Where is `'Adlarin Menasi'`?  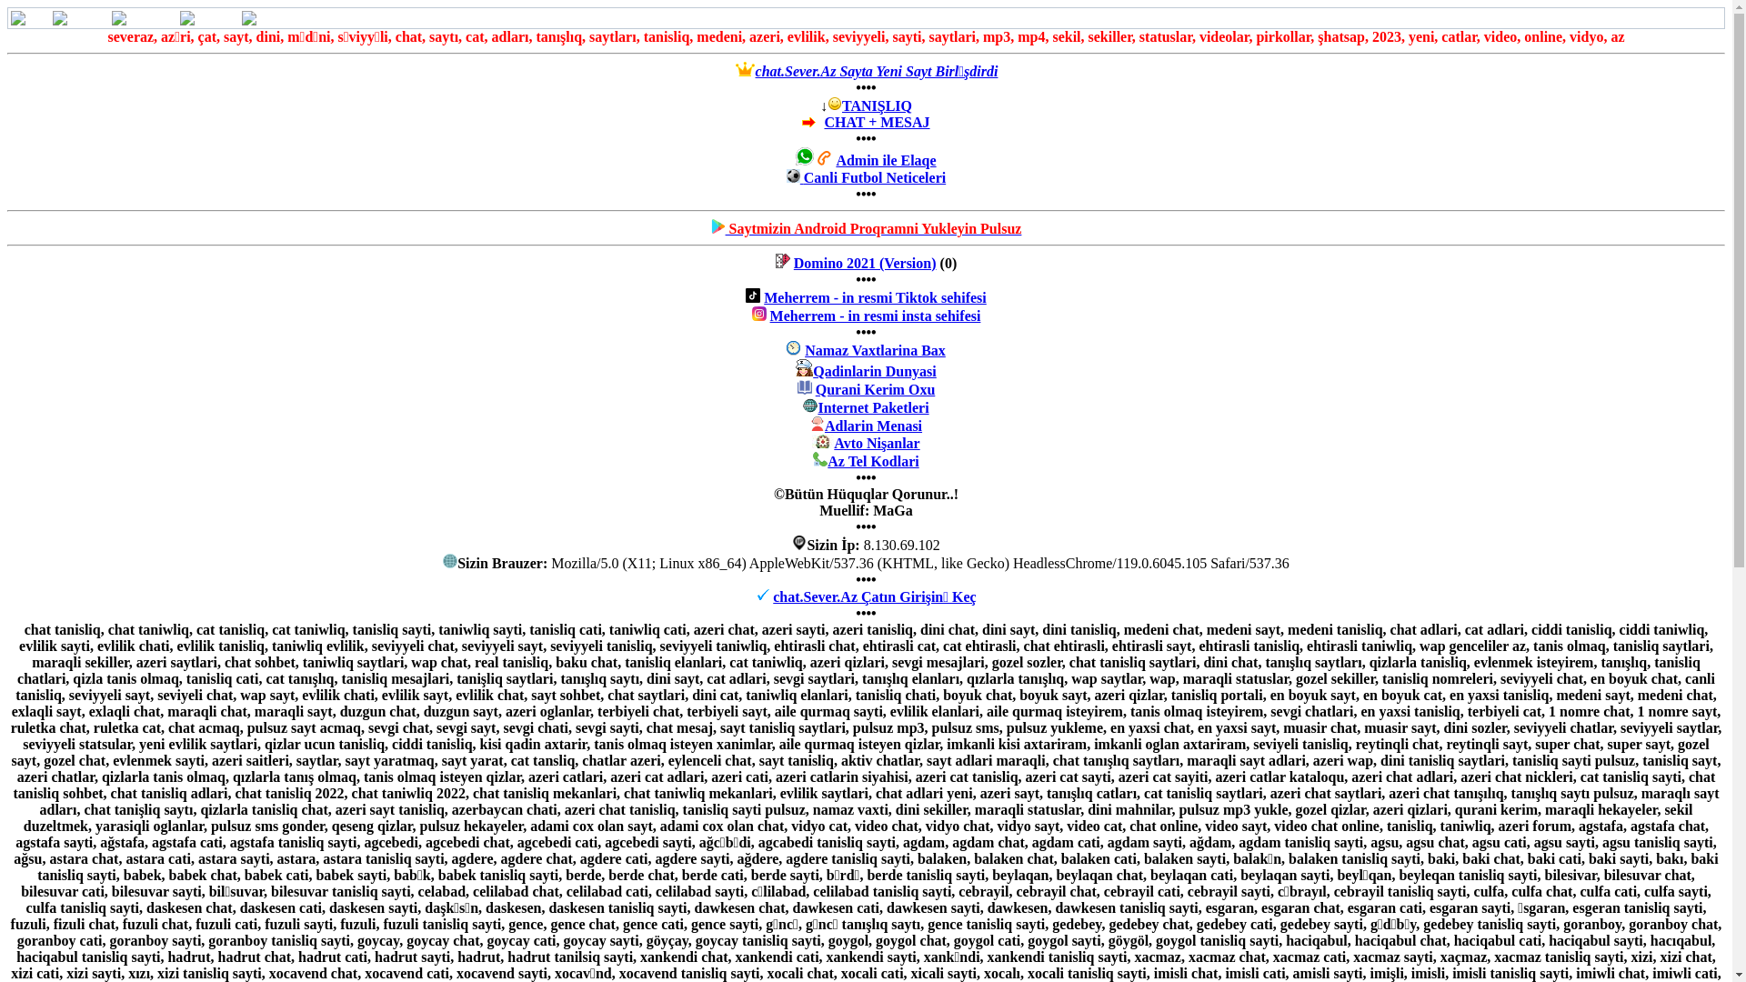
'Adlarin Menasi' is located at coordinates (873, 426).